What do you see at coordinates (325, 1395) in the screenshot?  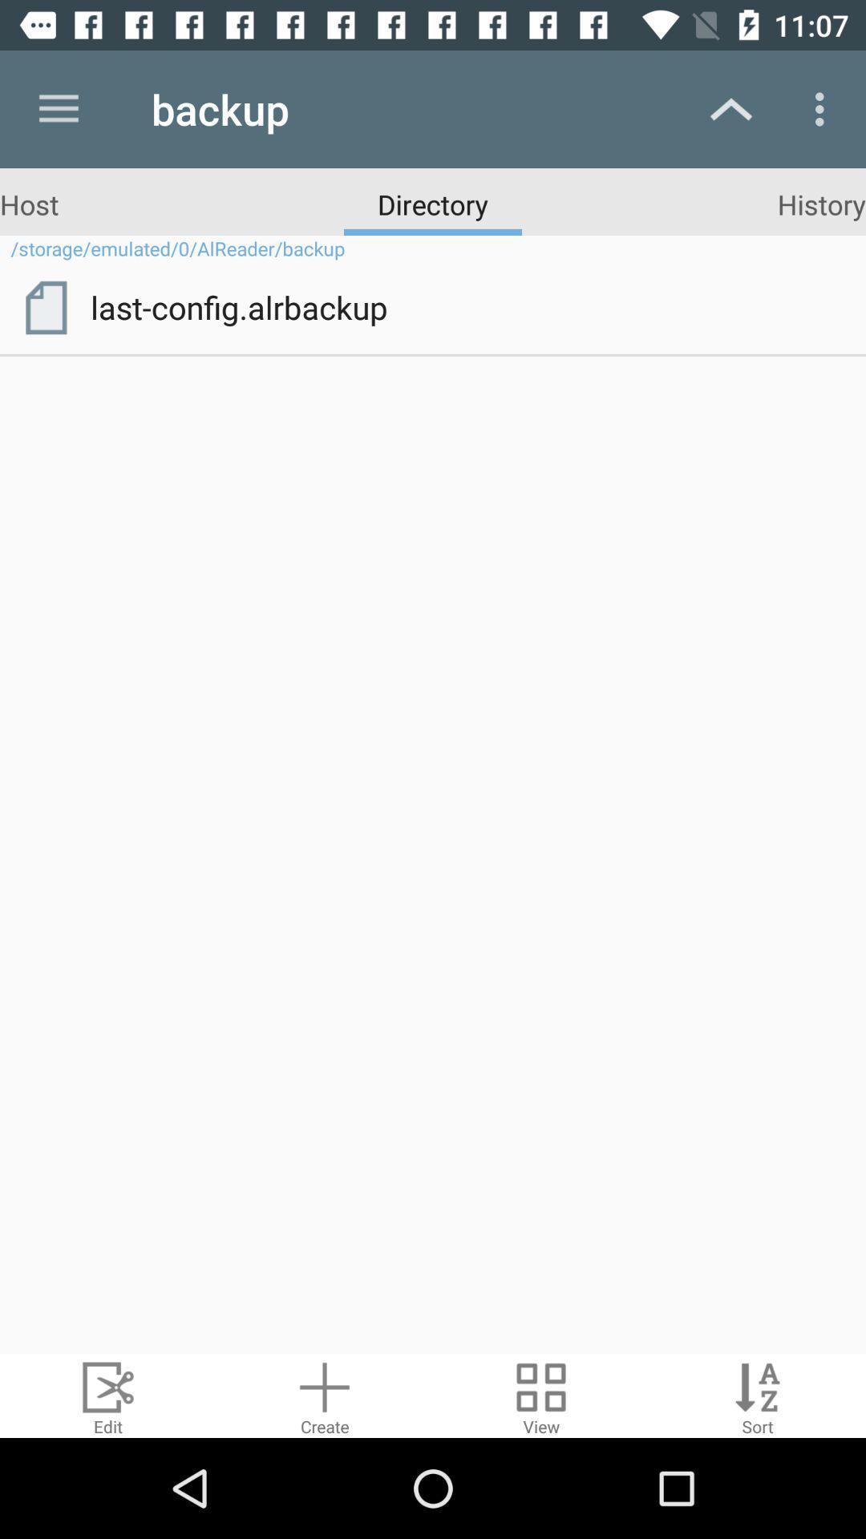 I see `new` at bounding box center [325, 1395].